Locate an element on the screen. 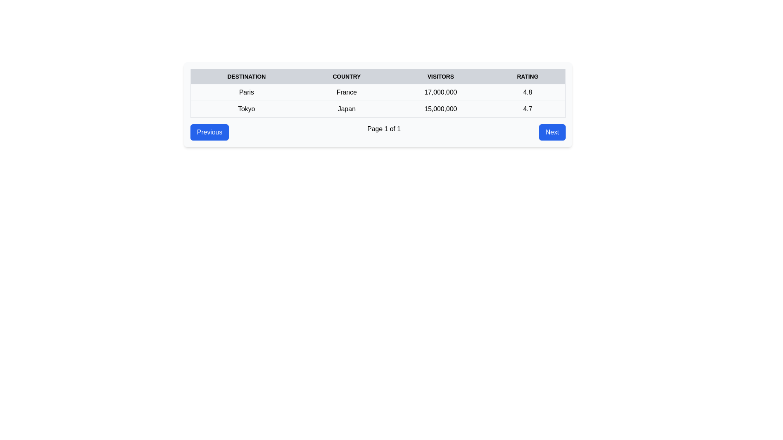  the button located on the leftmost side of the horizontal navigation bar beneath the content table is located at coordinates (210, 132).